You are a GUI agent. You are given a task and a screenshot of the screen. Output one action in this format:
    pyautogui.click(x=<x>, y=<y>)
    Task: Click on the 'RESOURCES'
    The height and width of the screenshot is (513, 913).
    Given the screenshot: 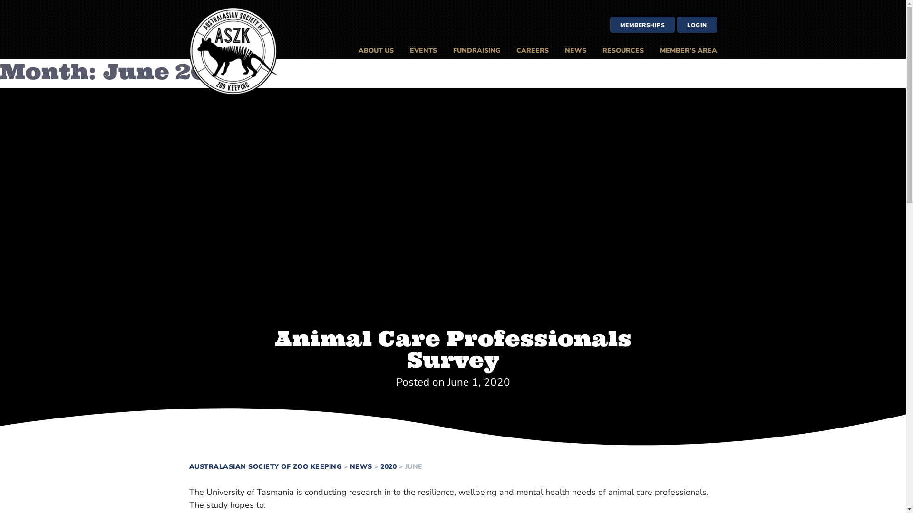 What is the action you would take?
    pyautogui.click(x=623, y=51)
    